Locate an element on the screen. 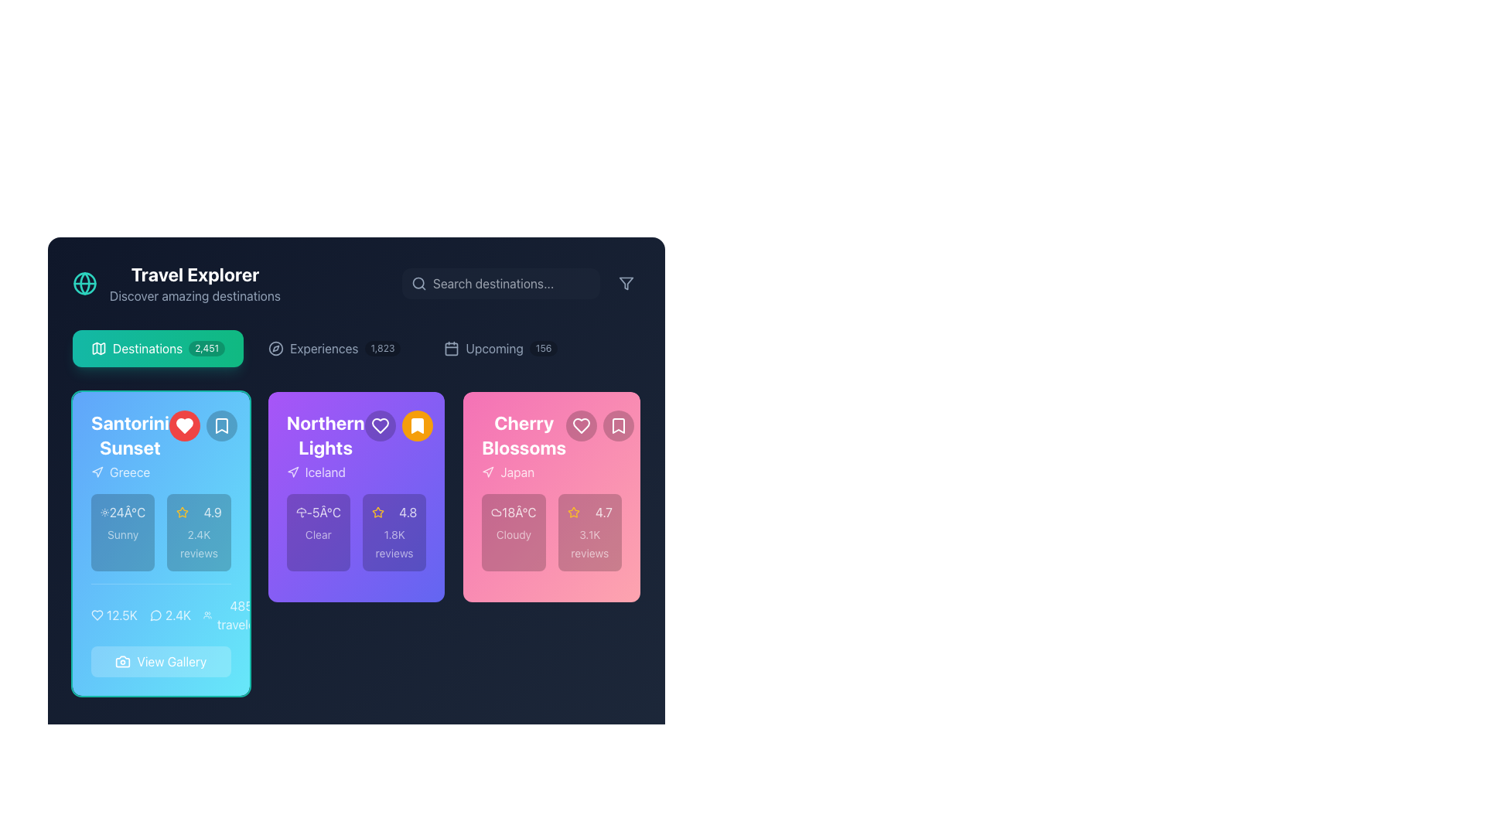  the 'Destinations' button is located at coordinates (158, 349).